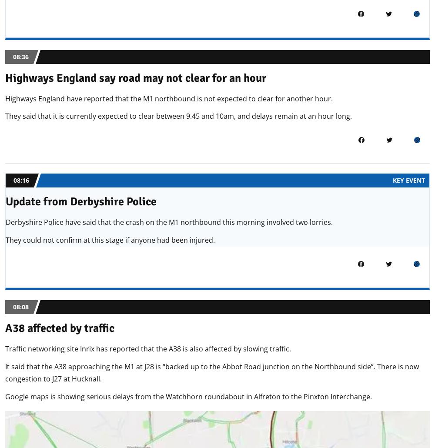 This screenshot has width=435, height=448. I want to click on 'KEY EVENT', so click(408, 180).